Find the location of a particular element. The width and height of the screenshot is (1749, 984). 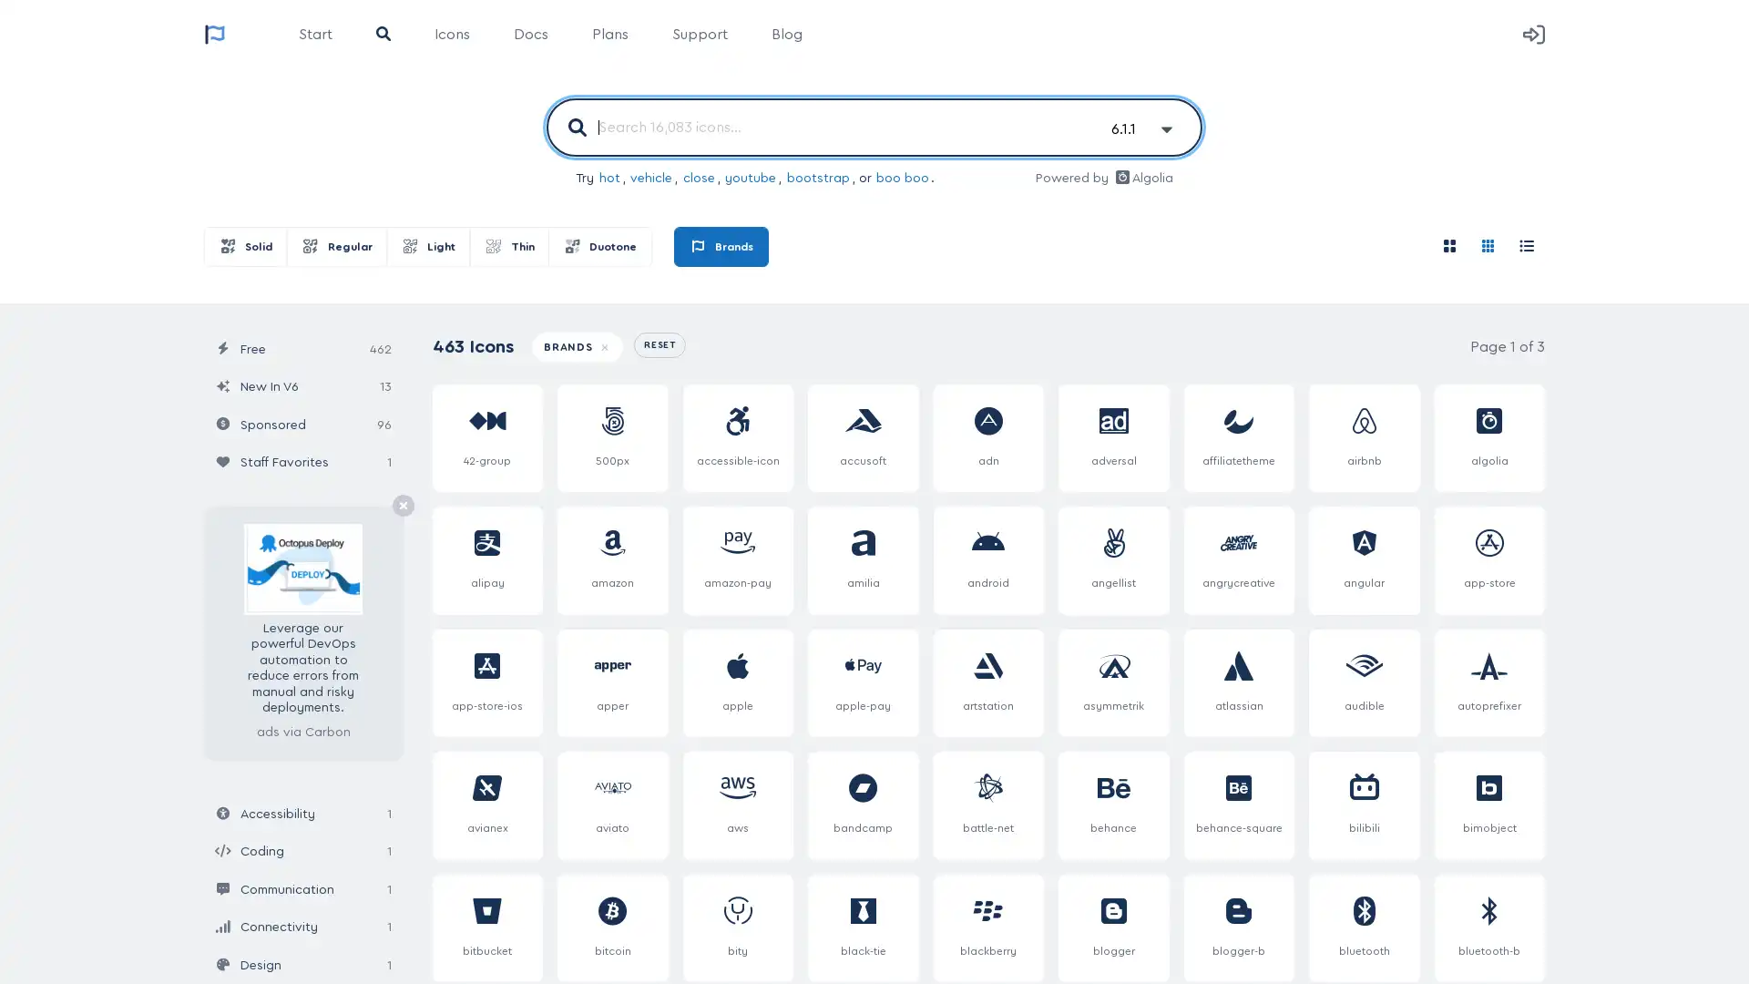

close is located at coordinates (698, 179).